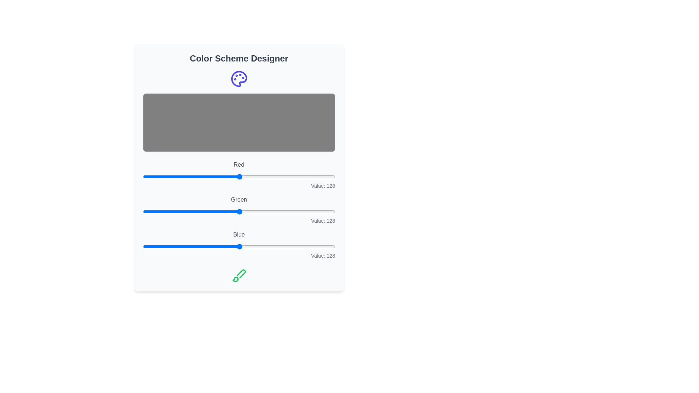  What do you see at coordinates (239, 175) in the screenshot?
I see `the 'Red' slider input in the 'Color Scheme Designer' interface` at bounding box center [239, 175].